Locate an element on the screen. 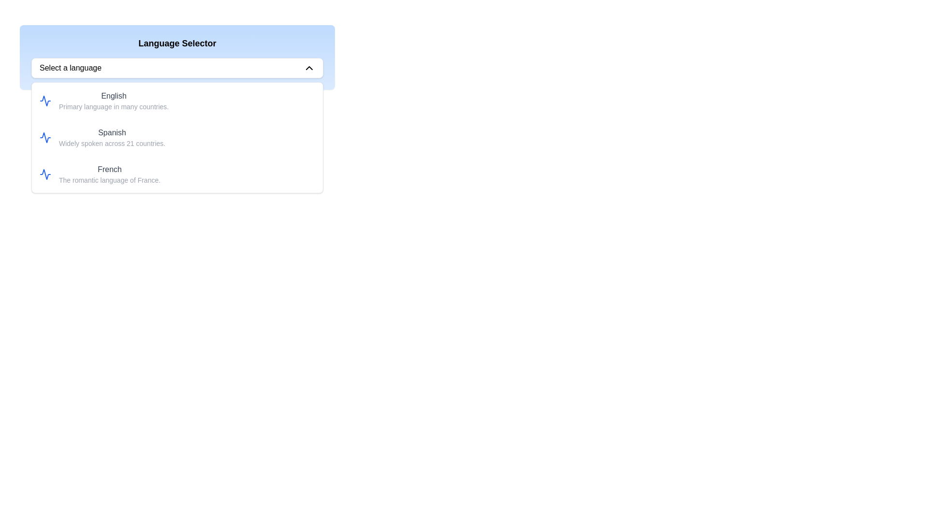 This screenshot has height=522, width=928. the 'English' language icon located at the first position in the dropdown menu labeled 'Select a language' is located at coordinates (45, 101).